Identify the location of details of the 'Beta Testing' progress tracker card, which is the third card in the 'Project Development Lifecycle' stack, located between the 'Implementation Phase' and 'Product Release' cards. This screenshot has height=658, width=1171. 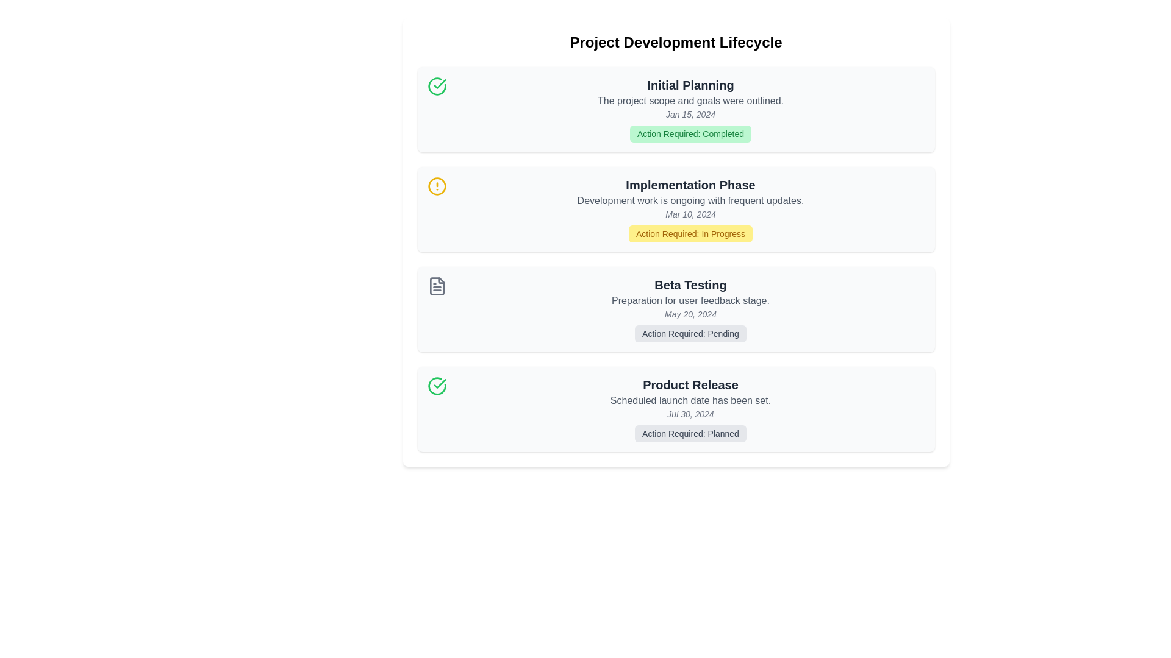
(675, 309).